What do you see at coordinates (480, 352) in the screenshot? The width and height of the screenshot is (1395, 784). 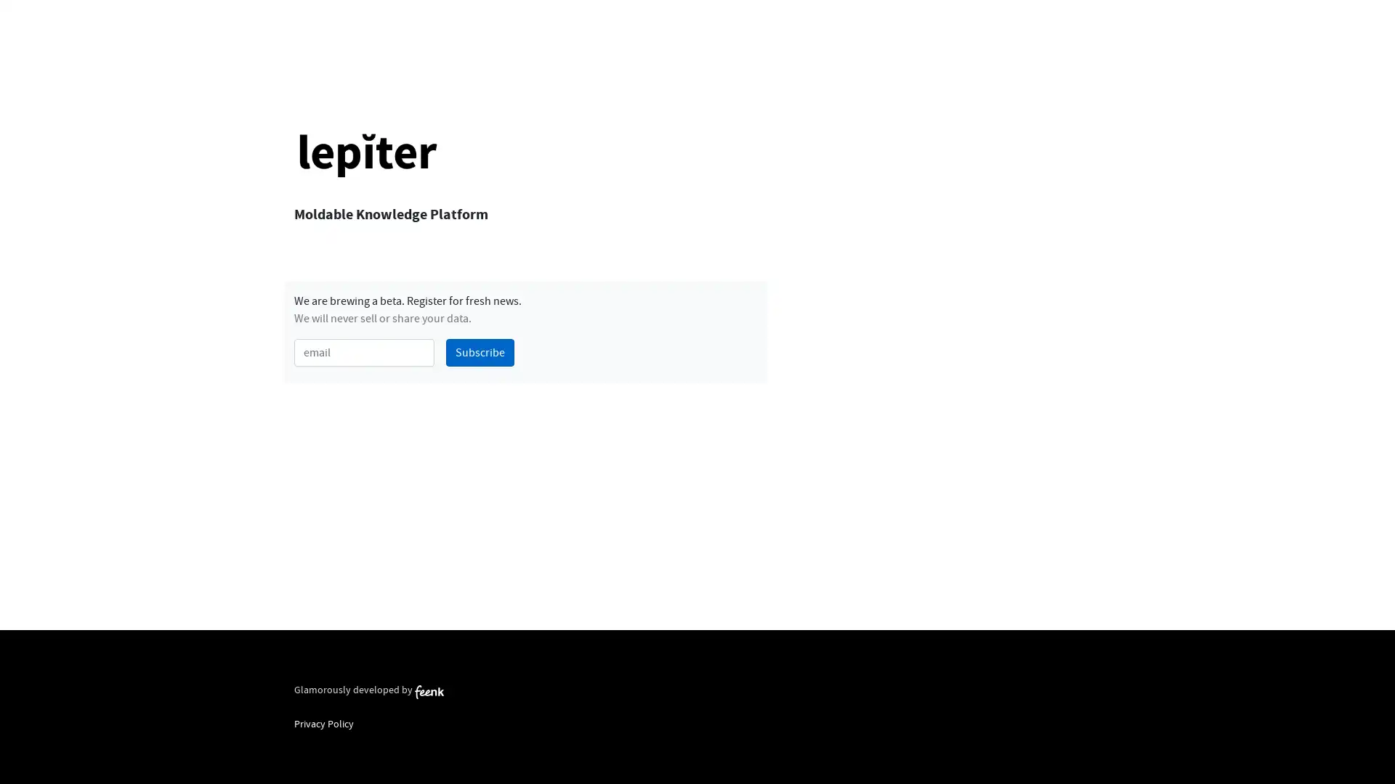 I see `Subscribe` at bounding box center [480, 352].